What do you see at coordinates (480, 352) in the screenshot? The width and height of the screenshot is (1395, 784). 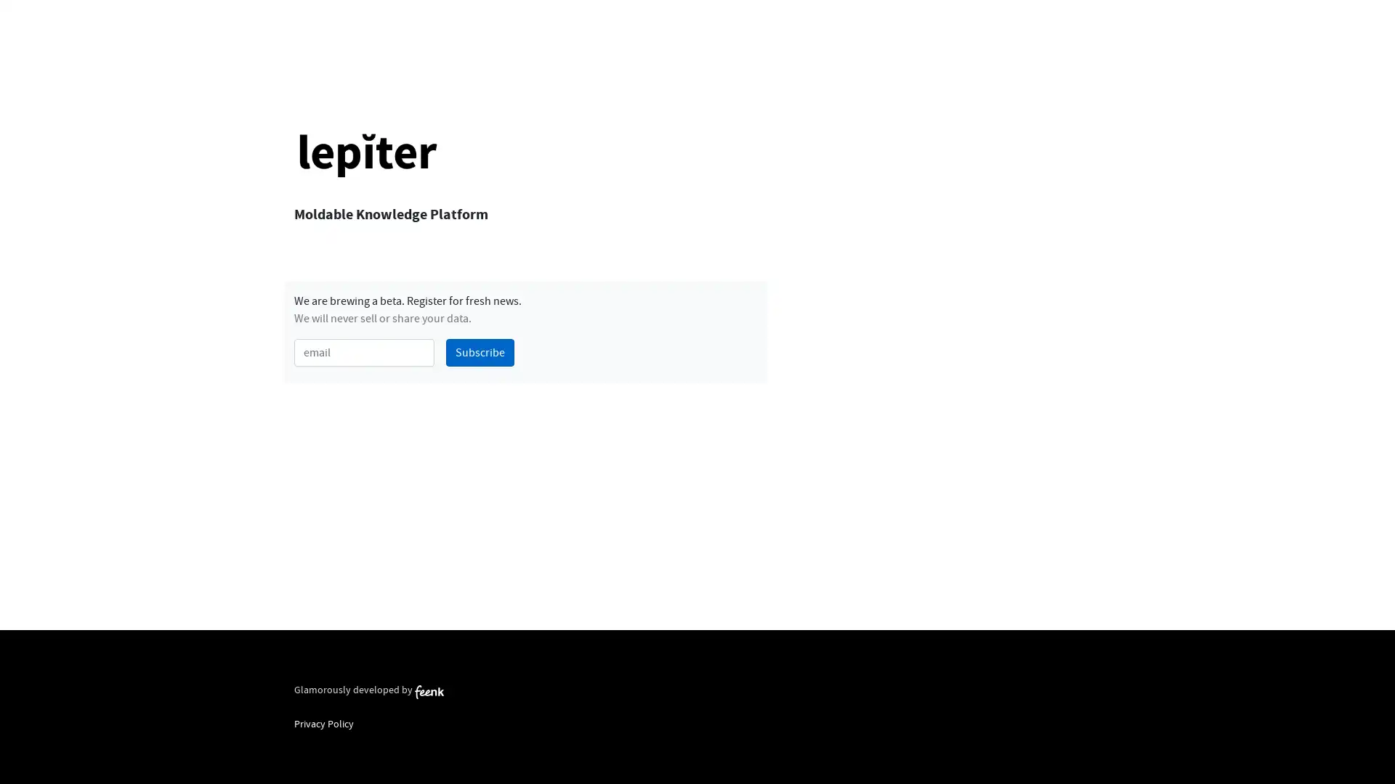 I see `Subscribe` at bounding box center [480, 352].